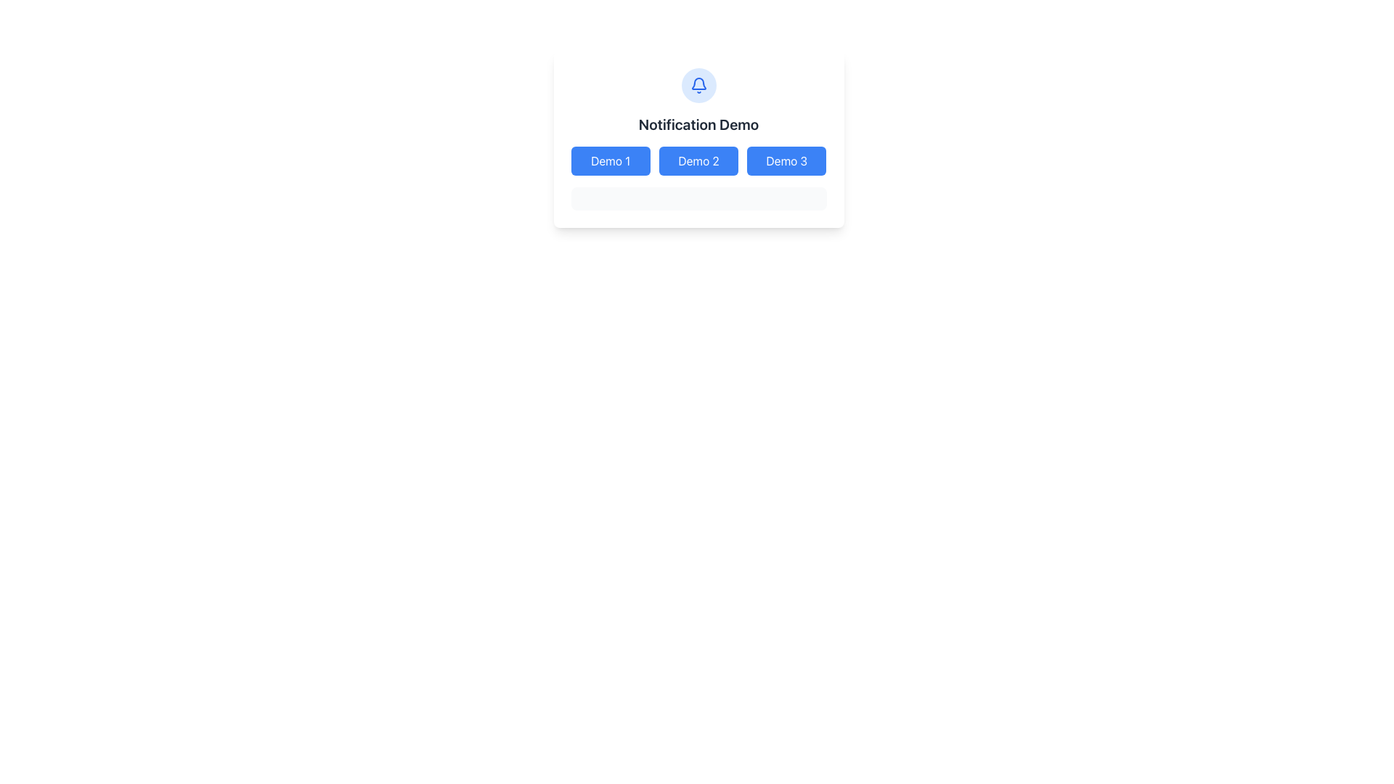 The width and height of the screenshot is (1394, 784). Describe the element at coordinates (698, 86) in the screenshot. I see `the notification bell icon, which is centrally positioned above the 'Notification Demo' text` at that location.